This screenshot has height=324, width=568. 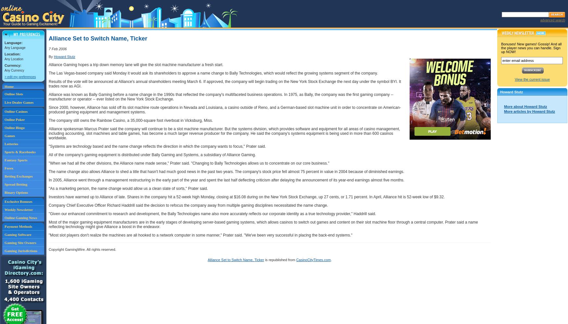 What do you see at coordinates (280, 260) in the screenshot?
I see `'is republished from'` at bounding box center [280, 260].